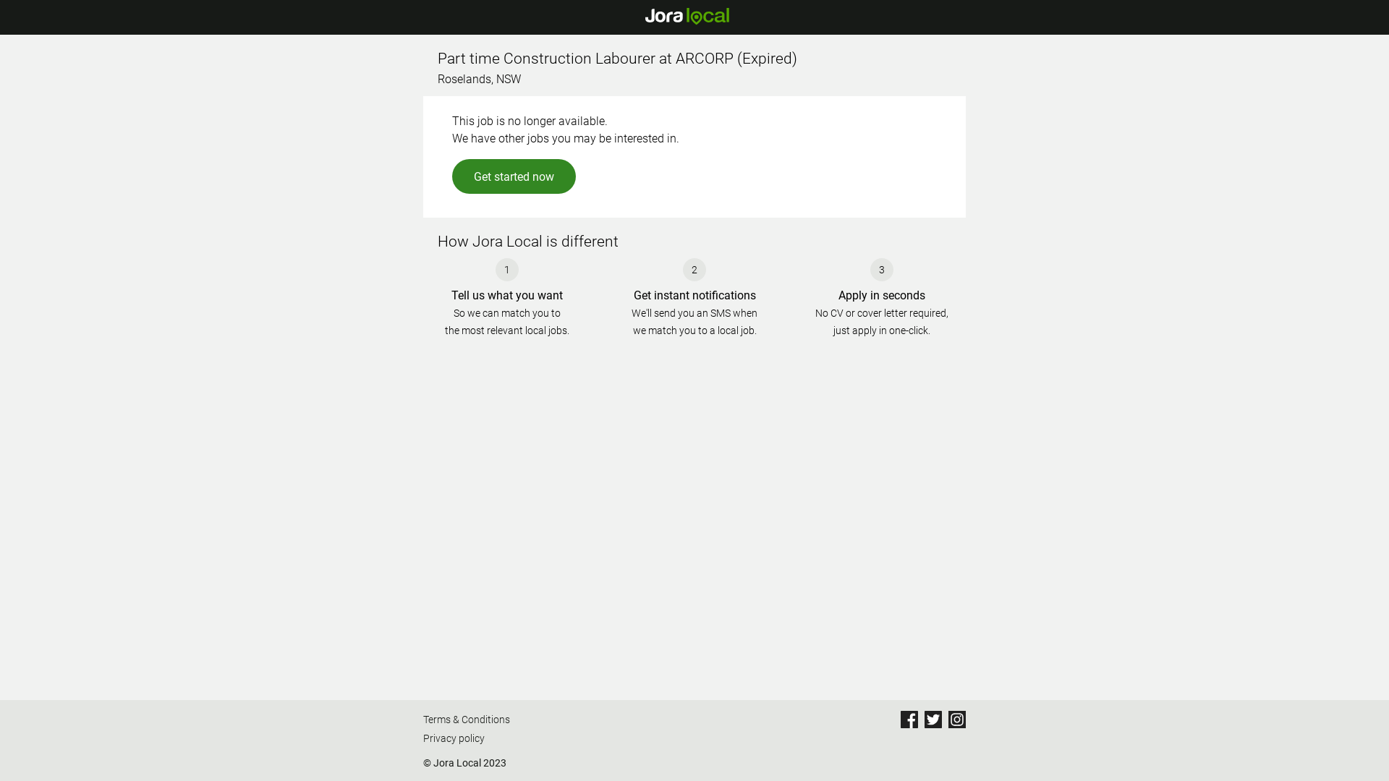  I want to click on 'Jora Local', so click(686, 17).